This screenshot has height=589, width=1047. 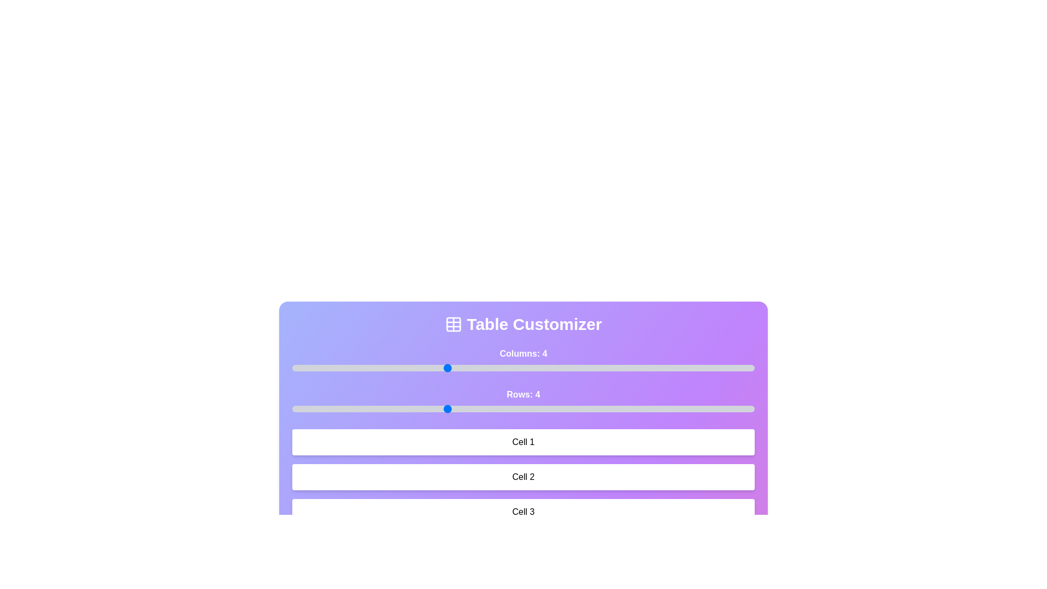 What do you see at coordinates (446, 408) in the screenshot?
I see `the number of rows by setting the slider to 4 rows` at bounding box center [446, 408].